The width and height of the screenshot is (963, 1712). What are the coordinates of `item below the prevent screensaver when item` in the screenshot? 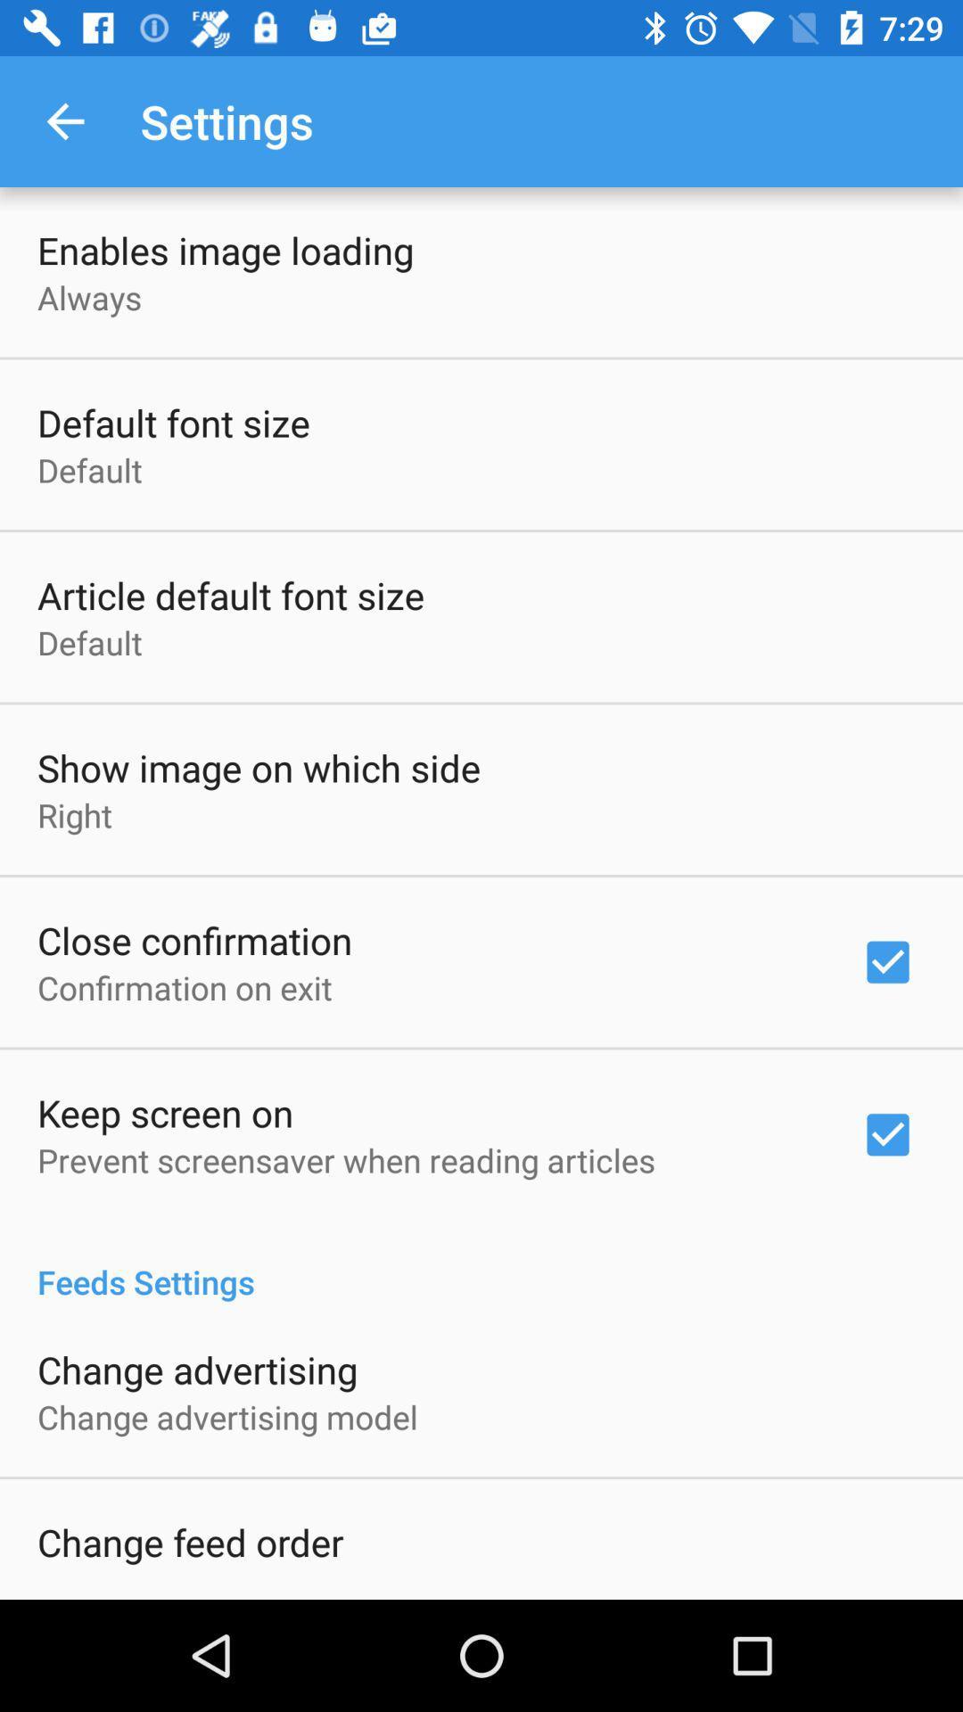 It's located at (481, 1262).